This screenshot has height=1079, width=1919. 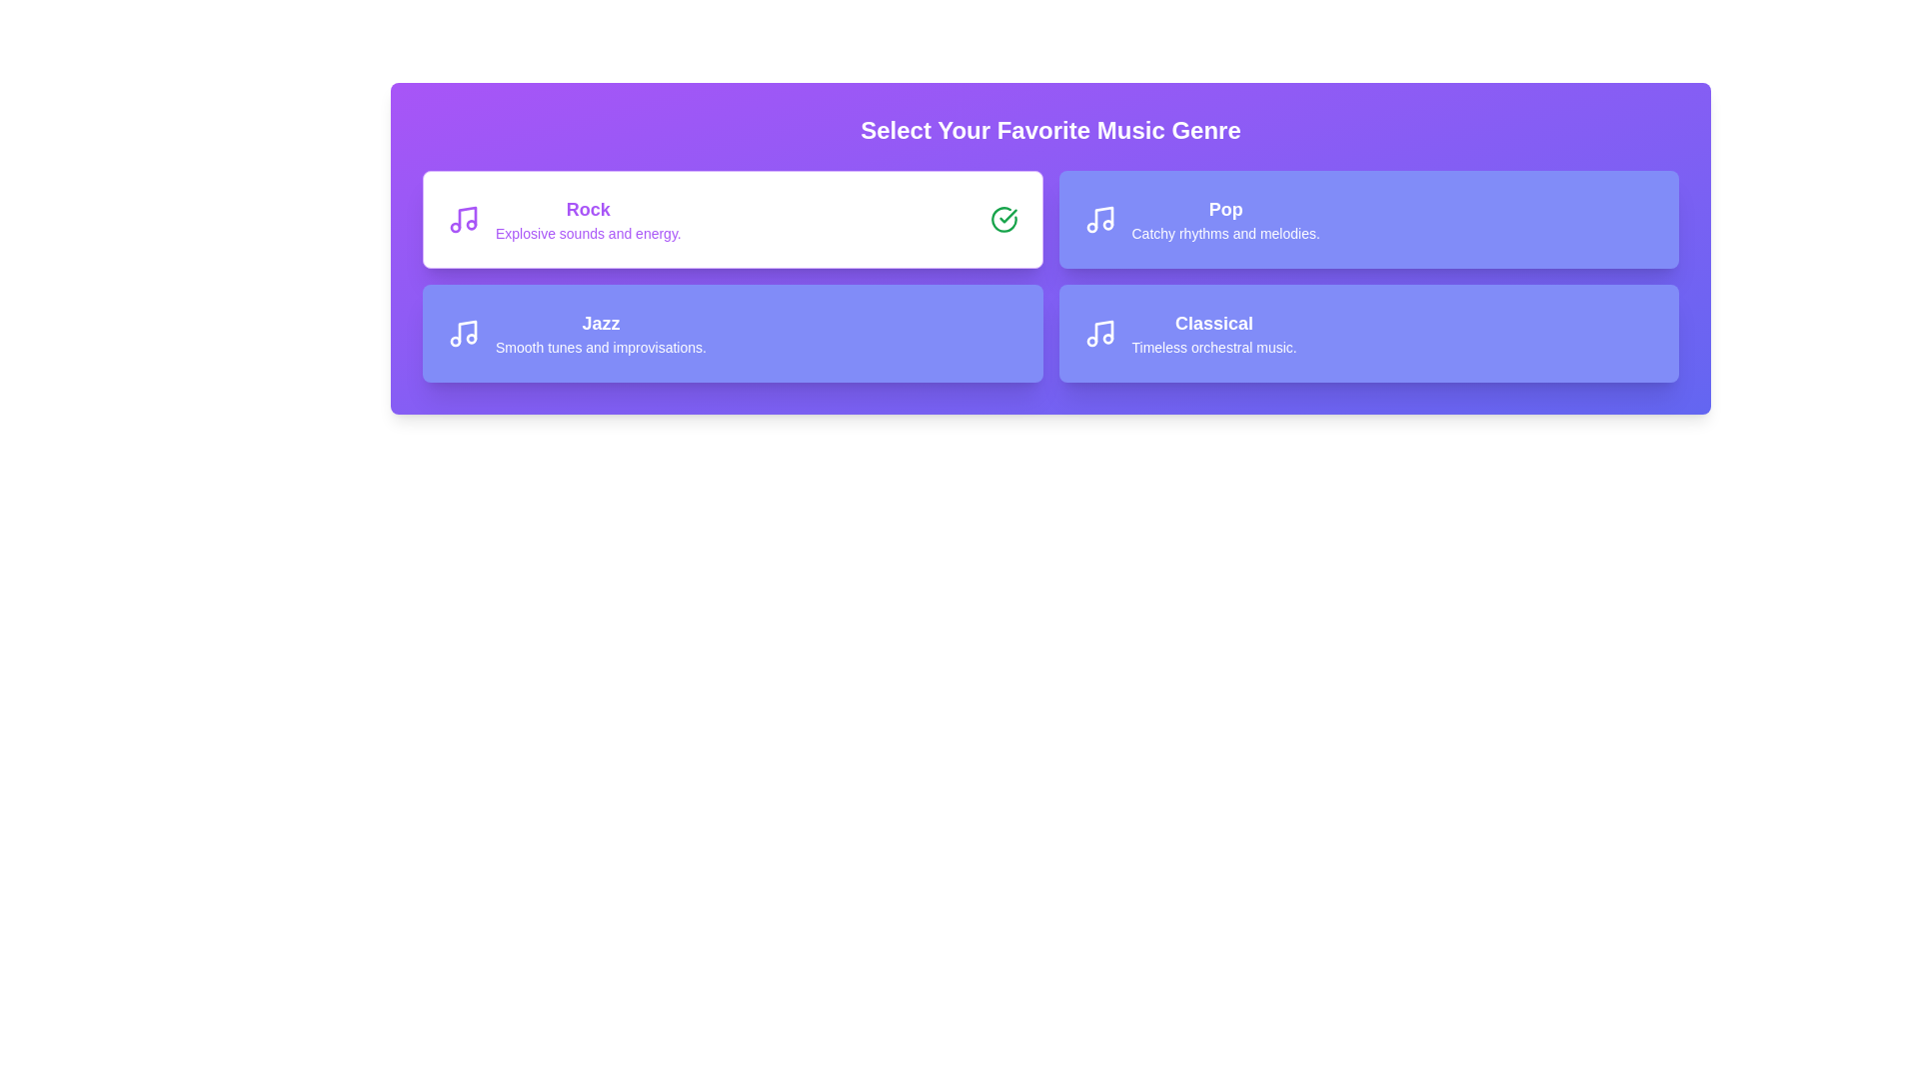 What do you see at coordinates (1213, 346) in the screenshot?
I see `descriptive subtitle text located under the 'Classical' label in the lower right section of the grid layout` at bounding box center [1213, 346].